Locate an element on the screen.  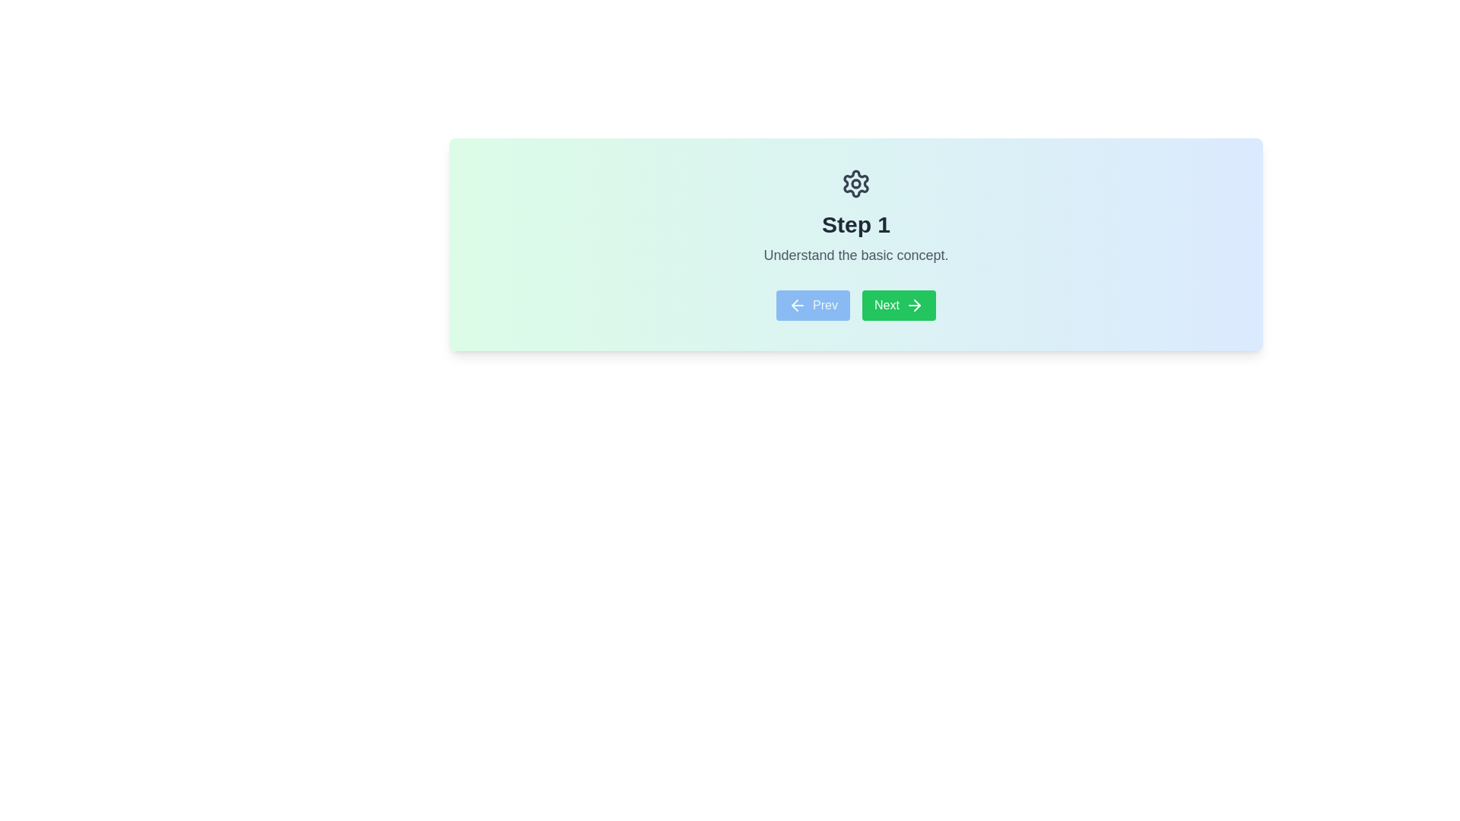
the 'Prev' button, which is a rectangular button with white text and a blue background is located at coordinates (812, 305).